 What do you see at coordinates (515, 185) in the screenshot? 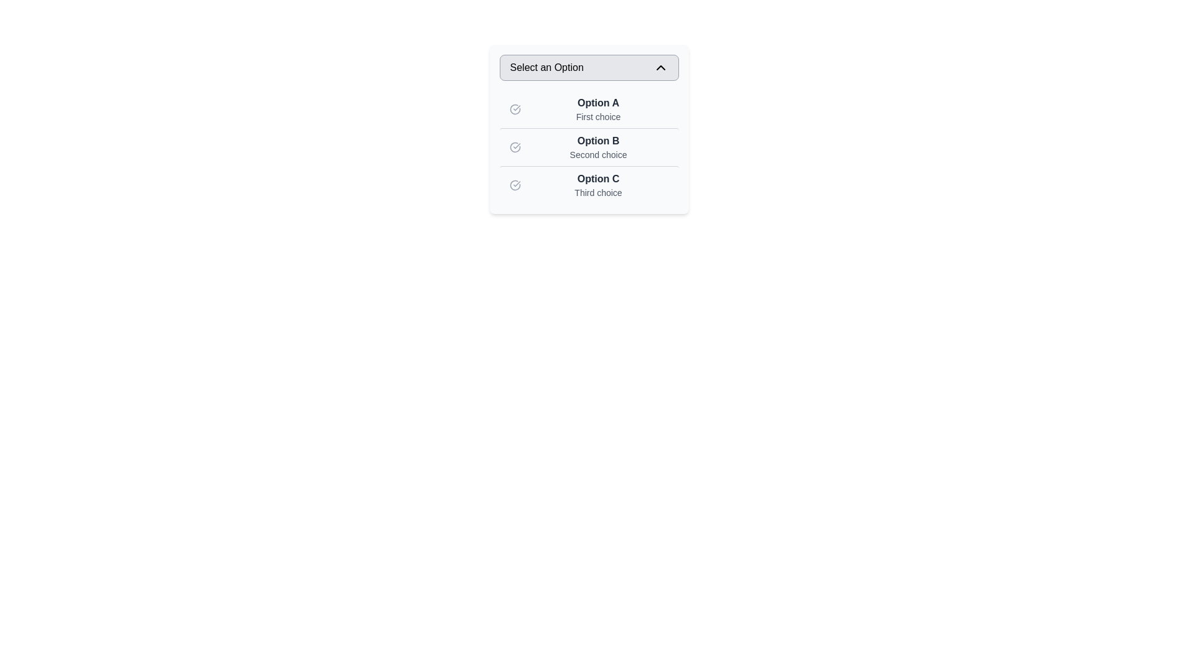
I see `the circular checkmark icon associated with 'Option C' in the dropdown menu` at bounding box center [515, 185].